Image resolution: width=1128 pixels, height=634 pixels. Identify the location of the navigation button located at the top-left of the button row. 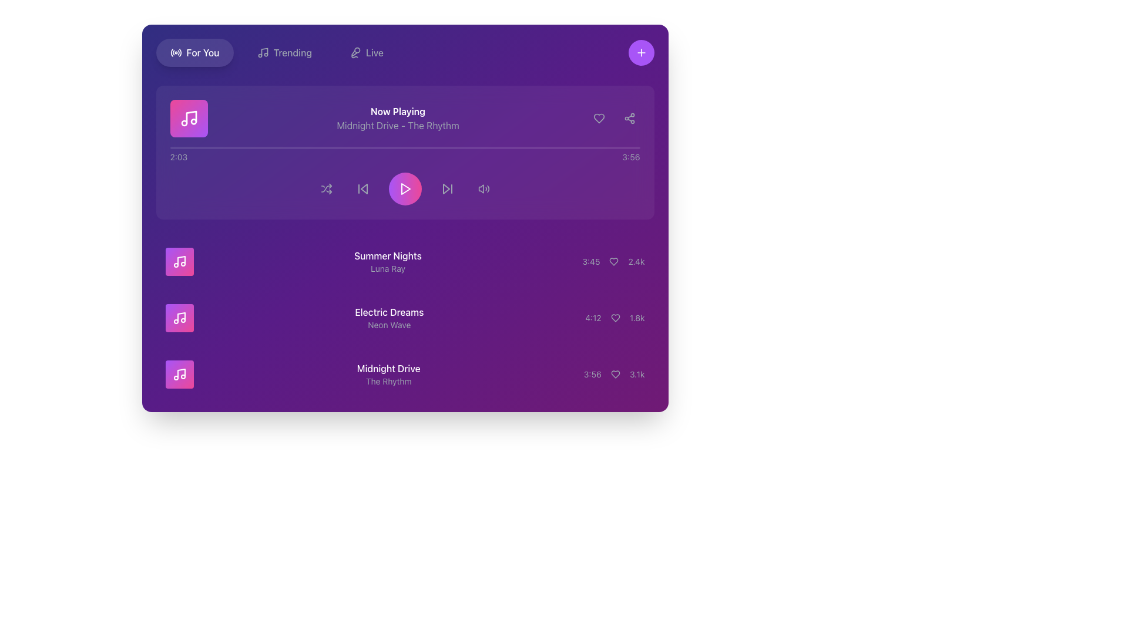
(194, 52).